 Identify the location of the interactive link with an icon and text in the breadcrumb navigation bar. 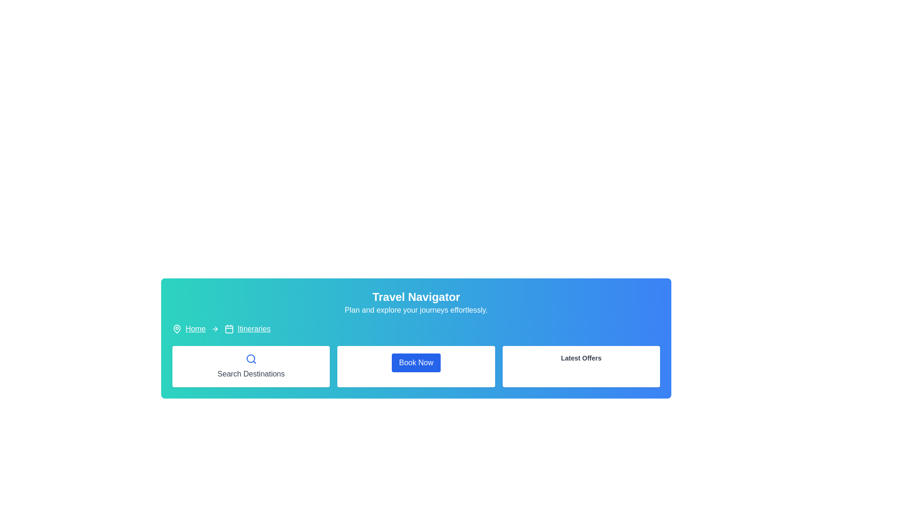
(247, 329).